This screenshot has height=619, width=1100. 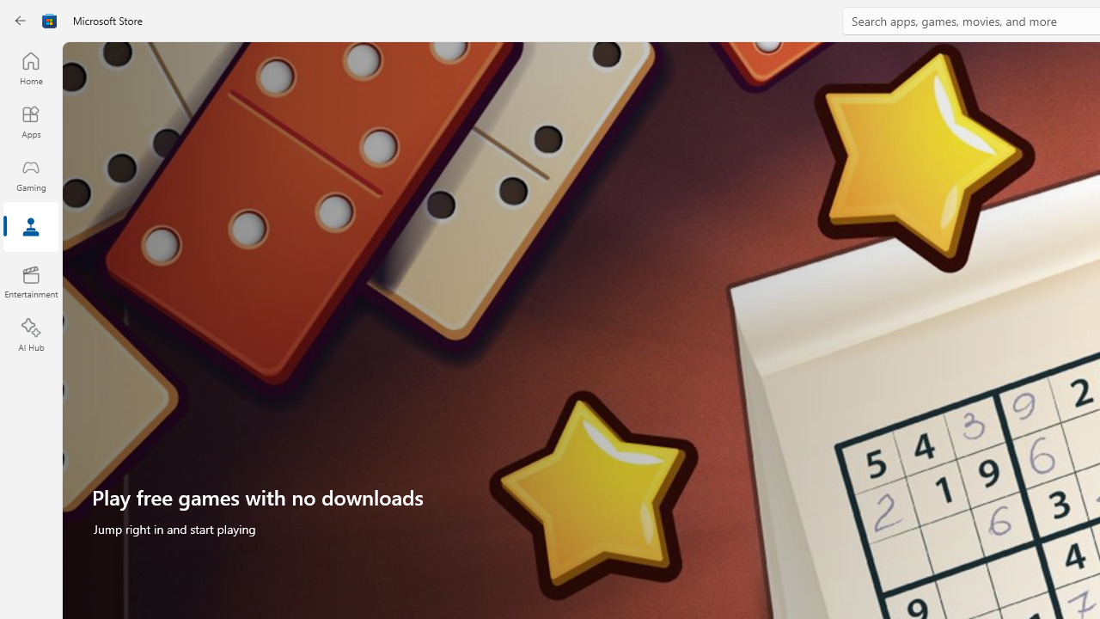 I want to click on 'Apps', so click(x=30, y=120).